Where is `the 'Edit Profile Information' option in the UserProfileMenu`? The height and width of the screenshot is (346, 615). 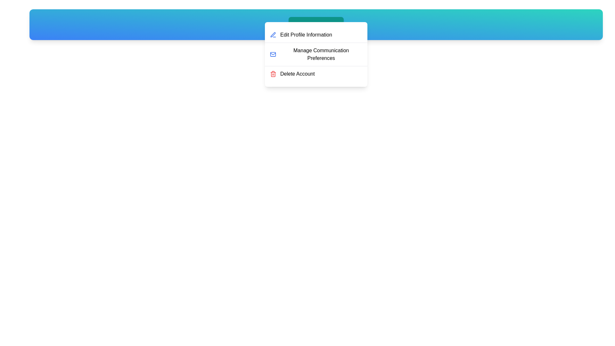
the 'Edit Profile Information' option in the UserProfileMenu is located at coordinates (316, 35).